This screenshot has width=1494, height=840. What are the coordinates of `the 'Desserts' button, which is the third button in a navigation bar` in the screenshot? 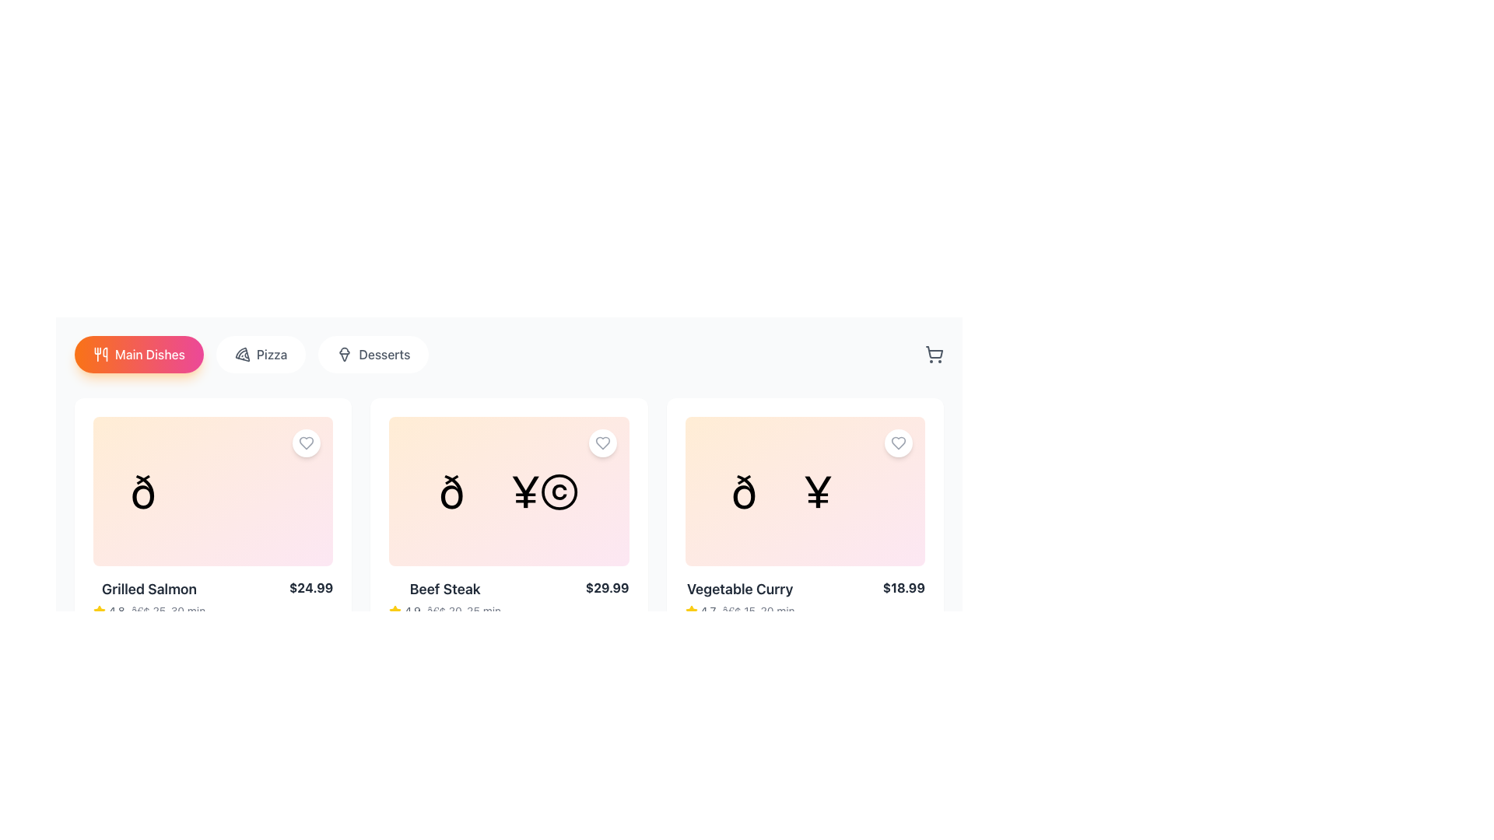 It's located at (373, 354).